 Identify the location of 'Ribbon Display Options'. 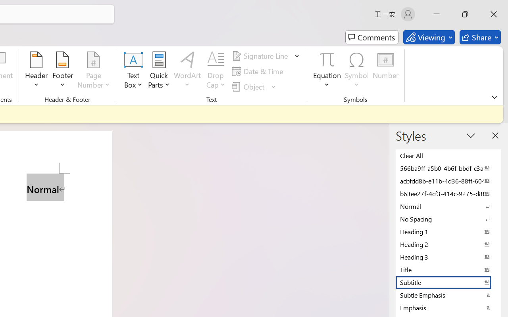
(494, 97).